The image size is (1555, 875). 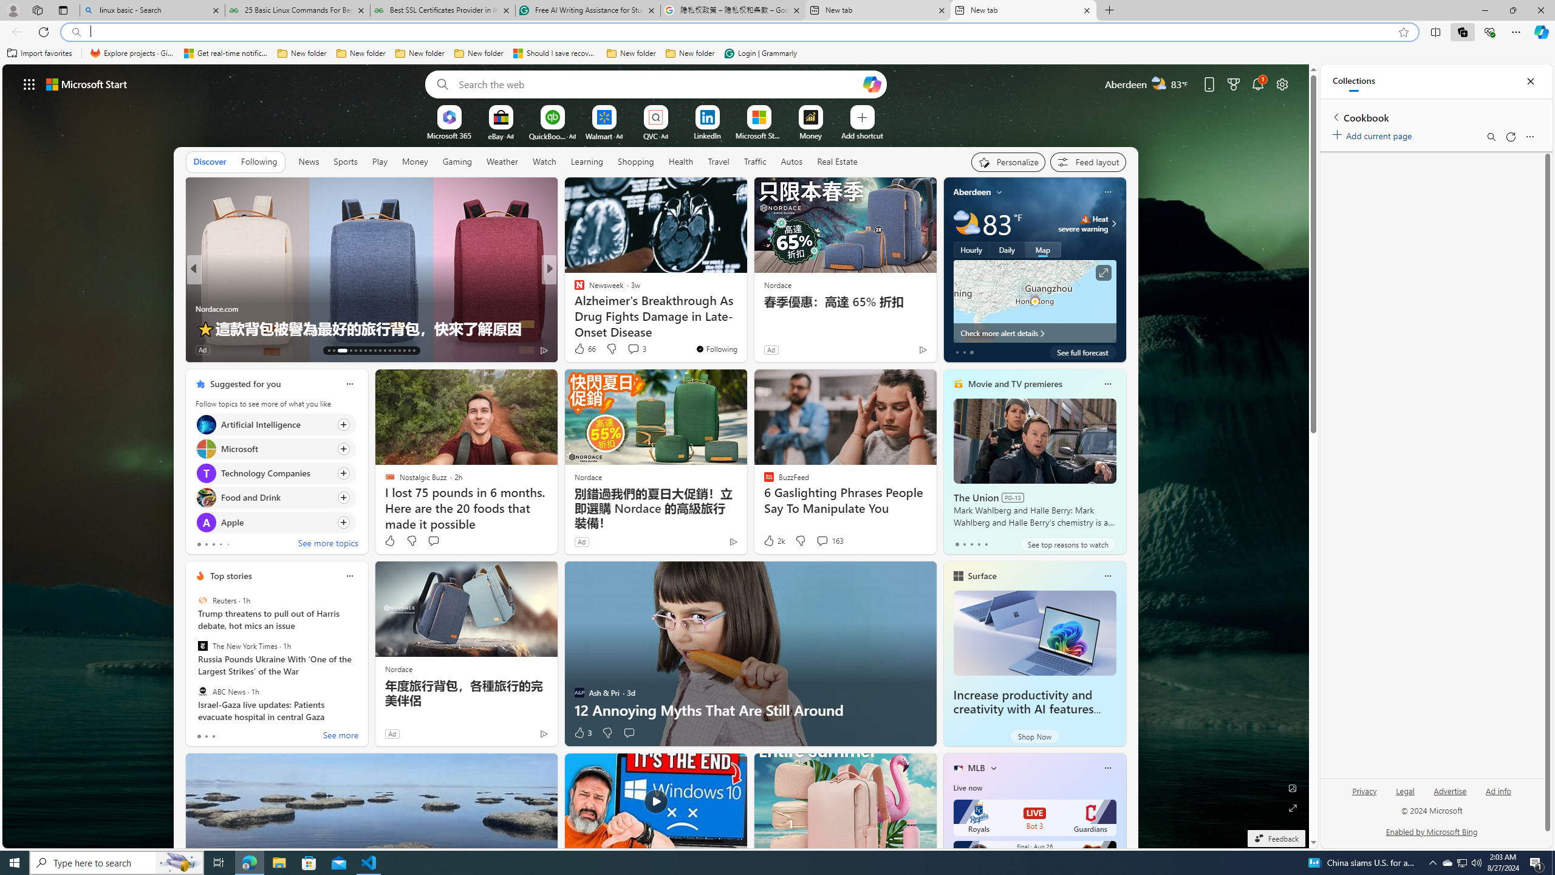 I want to click on 'TechRadar', so click(x=574, y=307).